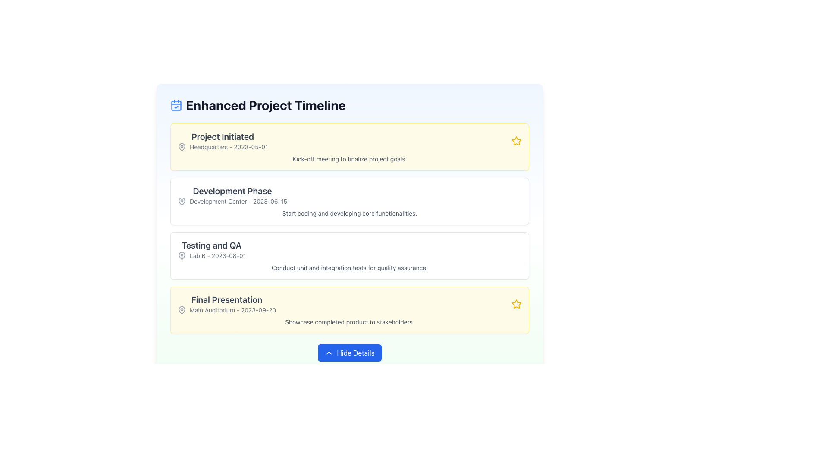 The width and height of the screenshot is (828, 466). I want to click on the chevron-up icon located to the left of the 'Hide Details' button, so click(329, 353).